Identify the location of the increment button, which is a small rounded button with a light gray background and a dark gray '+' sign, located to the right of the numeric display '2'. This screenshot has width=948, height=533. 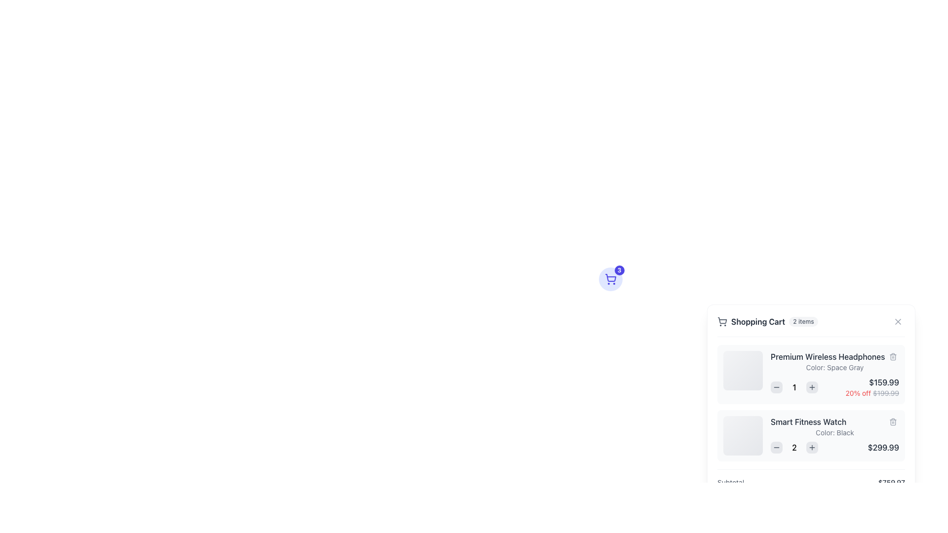
(812, 447).